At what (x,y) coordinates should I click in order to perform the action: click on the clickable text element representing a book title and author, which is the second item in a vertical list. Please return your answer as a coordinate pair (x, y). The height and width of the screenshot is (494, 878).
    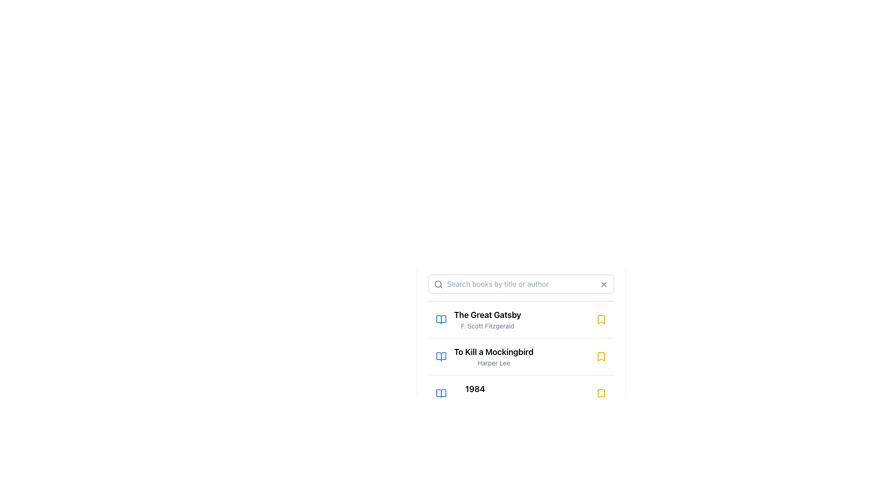
    Looking at the image, I should click on (493, 356).